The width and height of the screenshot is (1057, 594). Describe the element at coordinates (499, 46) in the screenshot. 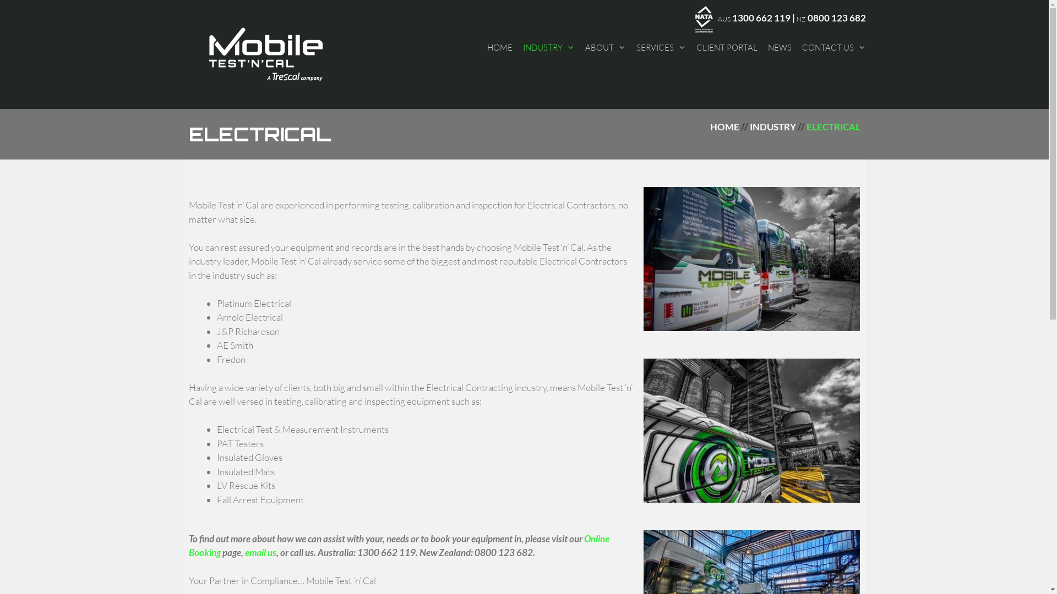

I see `'HOME'` at that location.